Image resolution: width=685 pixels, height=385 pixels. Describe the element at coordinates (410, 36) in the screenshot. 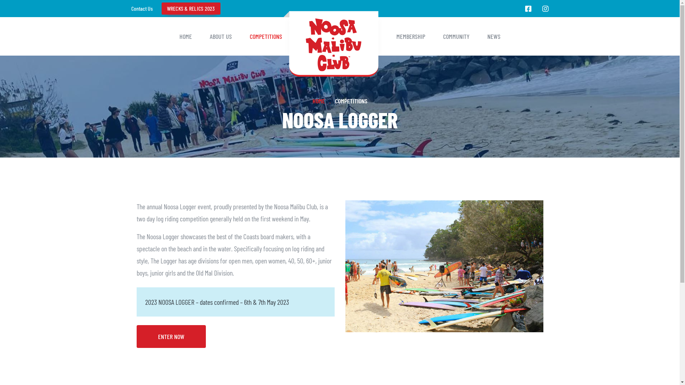

I see `'MEMBERSHIP'` at that location.